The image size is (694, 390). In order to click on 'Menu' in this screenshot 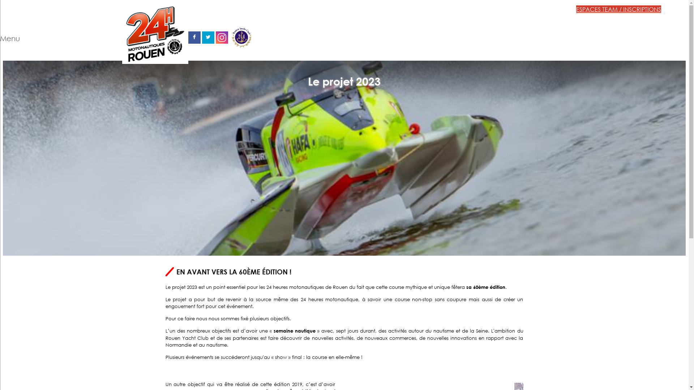, I will do `click(10, 38)`.